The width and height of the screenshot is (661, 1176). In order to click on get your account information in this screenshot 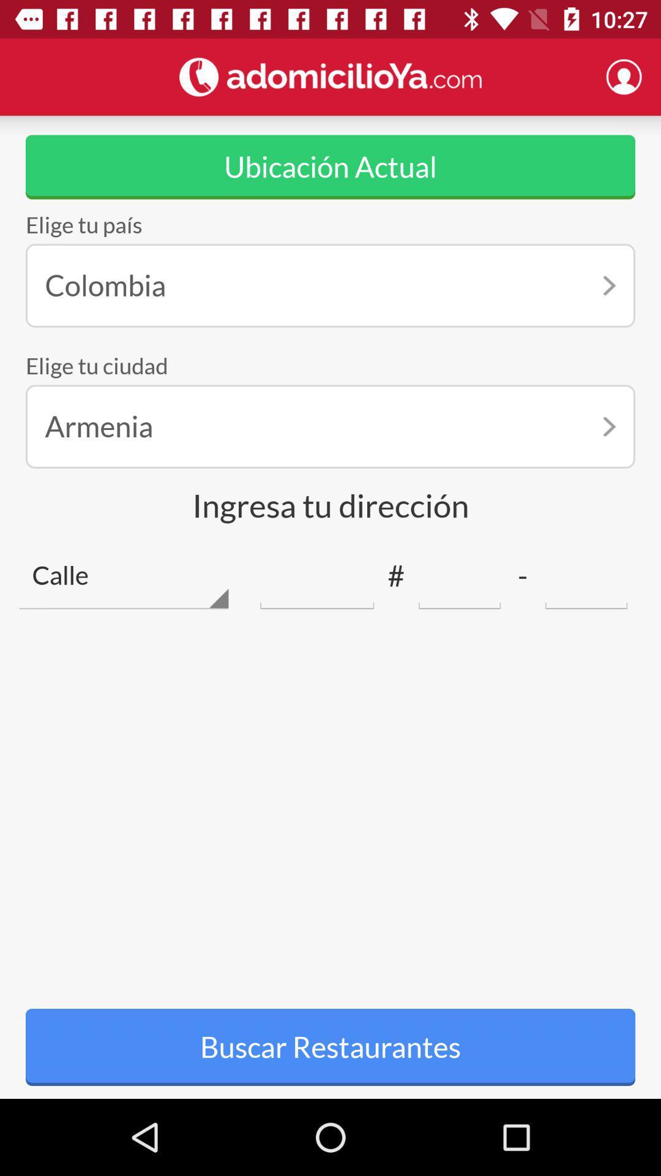, I will do `click(624, 76)`.